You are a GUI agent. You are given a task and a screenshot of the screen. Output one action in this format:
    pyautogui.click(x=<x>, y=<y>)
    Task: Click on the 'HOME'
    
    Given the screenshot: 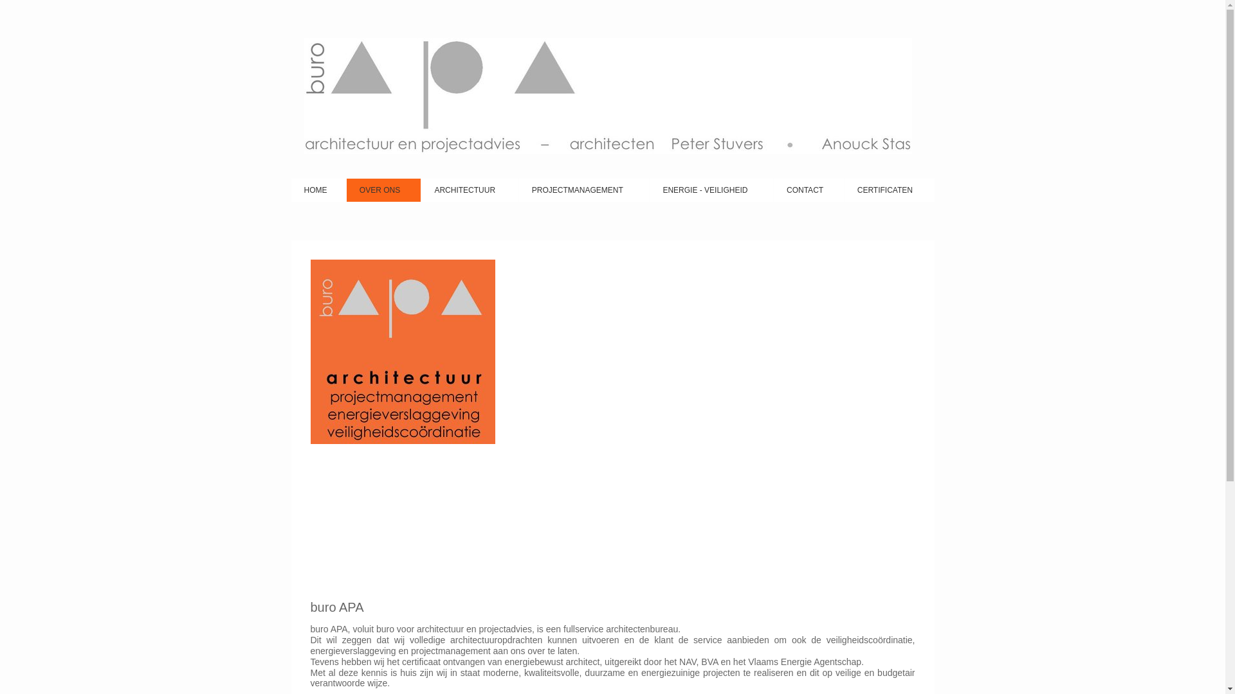 What is the action you would take?
    pyautogui.click(x=318, y=190)
    